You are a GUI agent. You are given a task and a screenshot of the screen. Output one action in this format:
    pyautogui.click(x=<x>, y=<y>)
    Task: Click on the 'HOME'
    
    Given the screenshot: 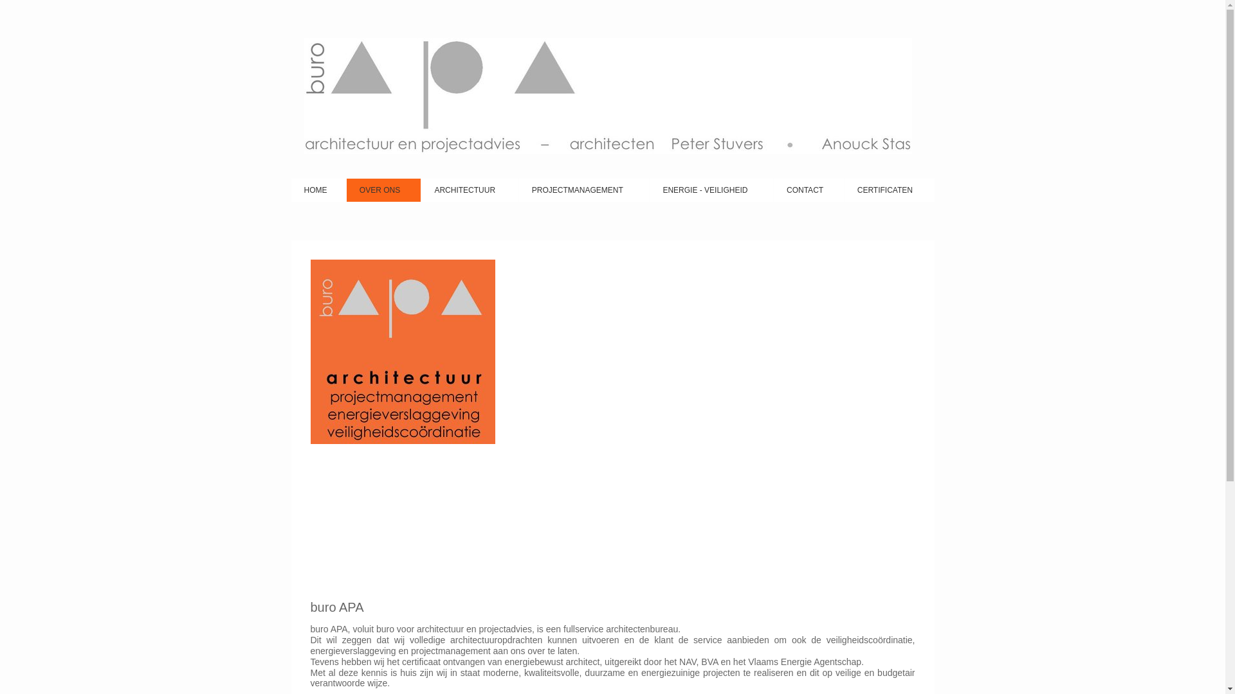 What is the action you would take?
    pyautogui.click(x=318, y=190)
    